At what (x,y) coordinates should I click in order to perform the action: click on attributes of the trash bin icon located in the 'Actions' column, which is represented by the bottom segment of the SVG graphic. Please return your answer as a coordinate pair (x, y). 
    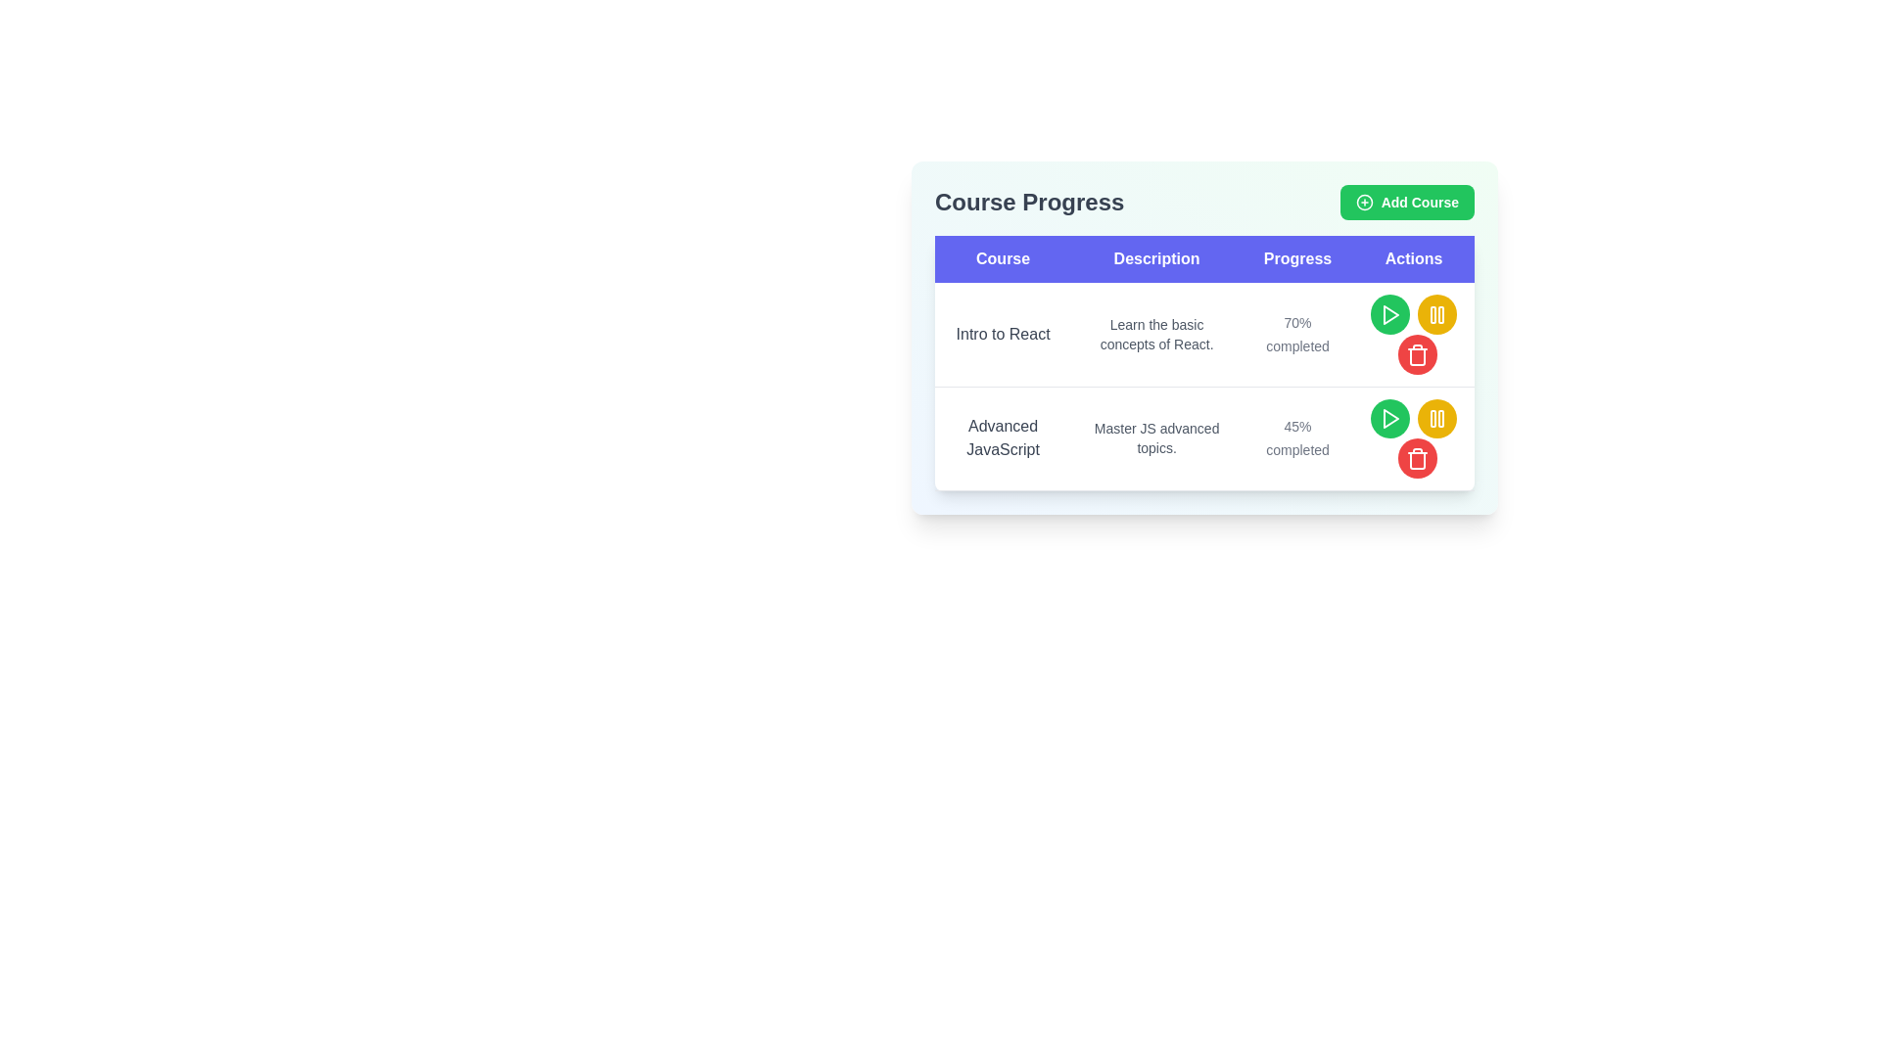
    Looking at the image, I should click on (1418, 461).